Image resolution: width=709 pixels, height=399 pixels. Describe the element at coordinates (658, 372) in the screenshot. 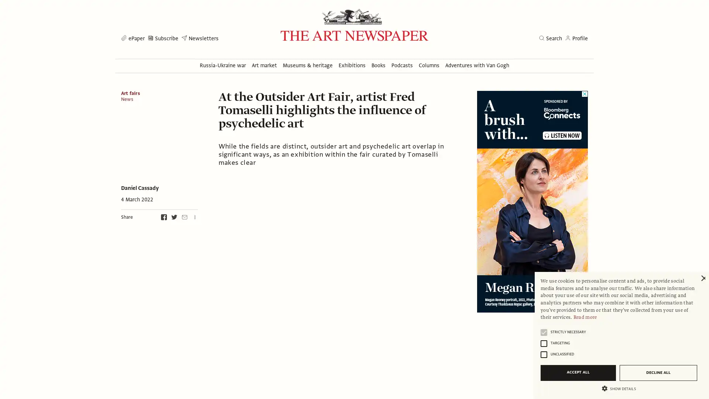

I see `DECLINE ALL` at that location.